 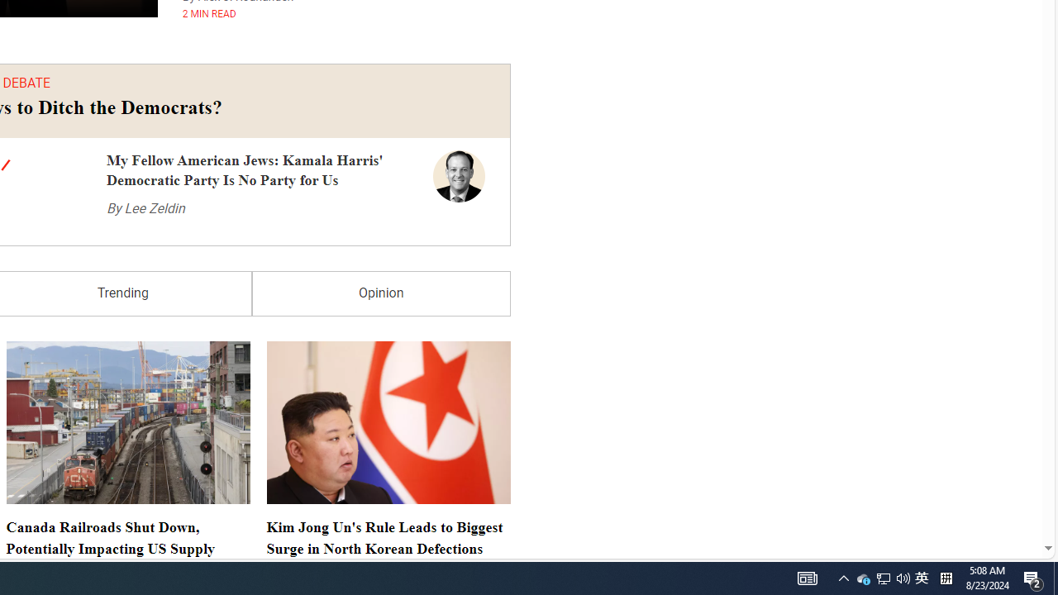 I want to click on 'Notification Chevron', so click(x=843, y=577).